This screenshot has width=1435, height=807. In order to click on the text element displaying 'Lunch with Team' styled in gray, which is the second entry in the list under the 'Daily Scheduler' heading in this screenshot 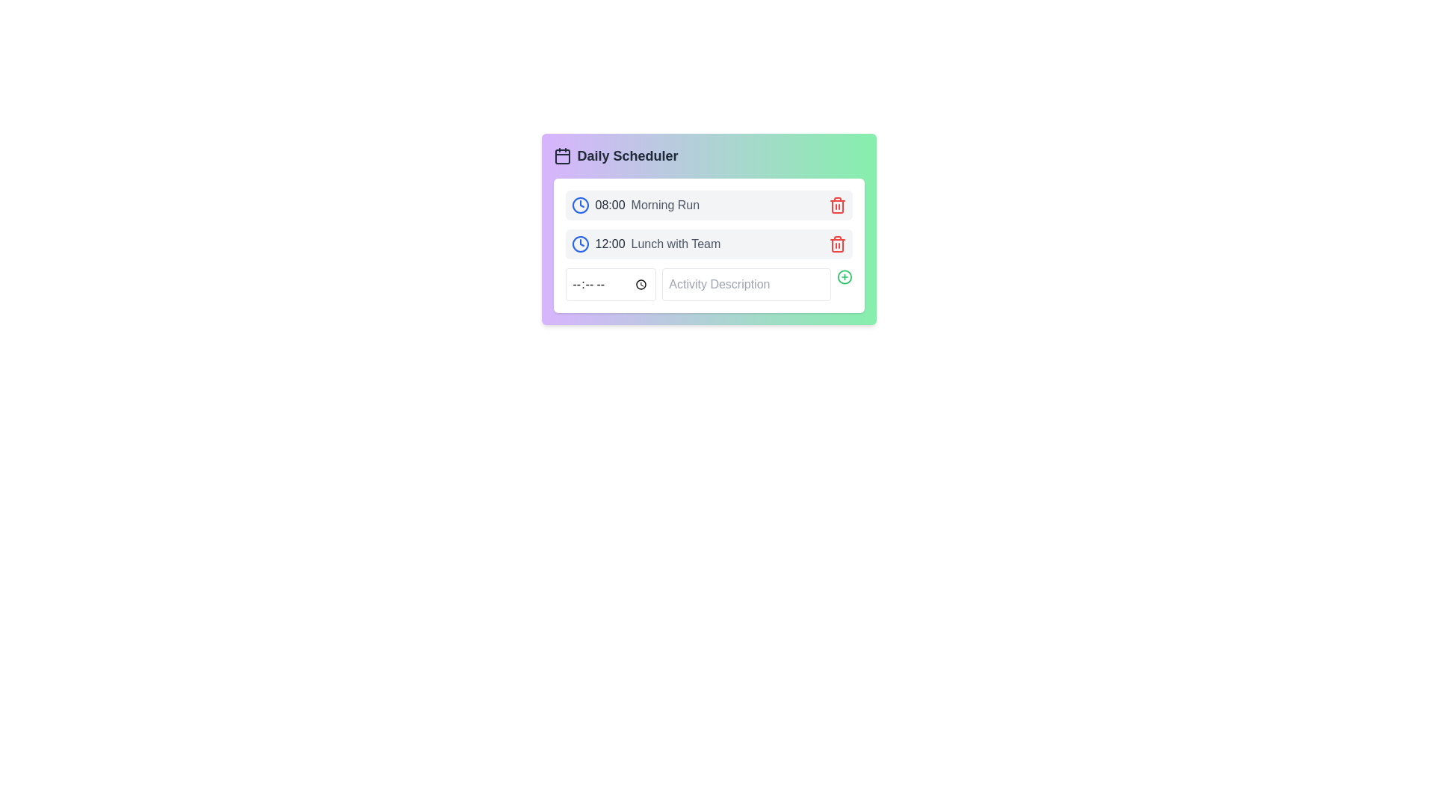, I will do `click(675, 244)`.